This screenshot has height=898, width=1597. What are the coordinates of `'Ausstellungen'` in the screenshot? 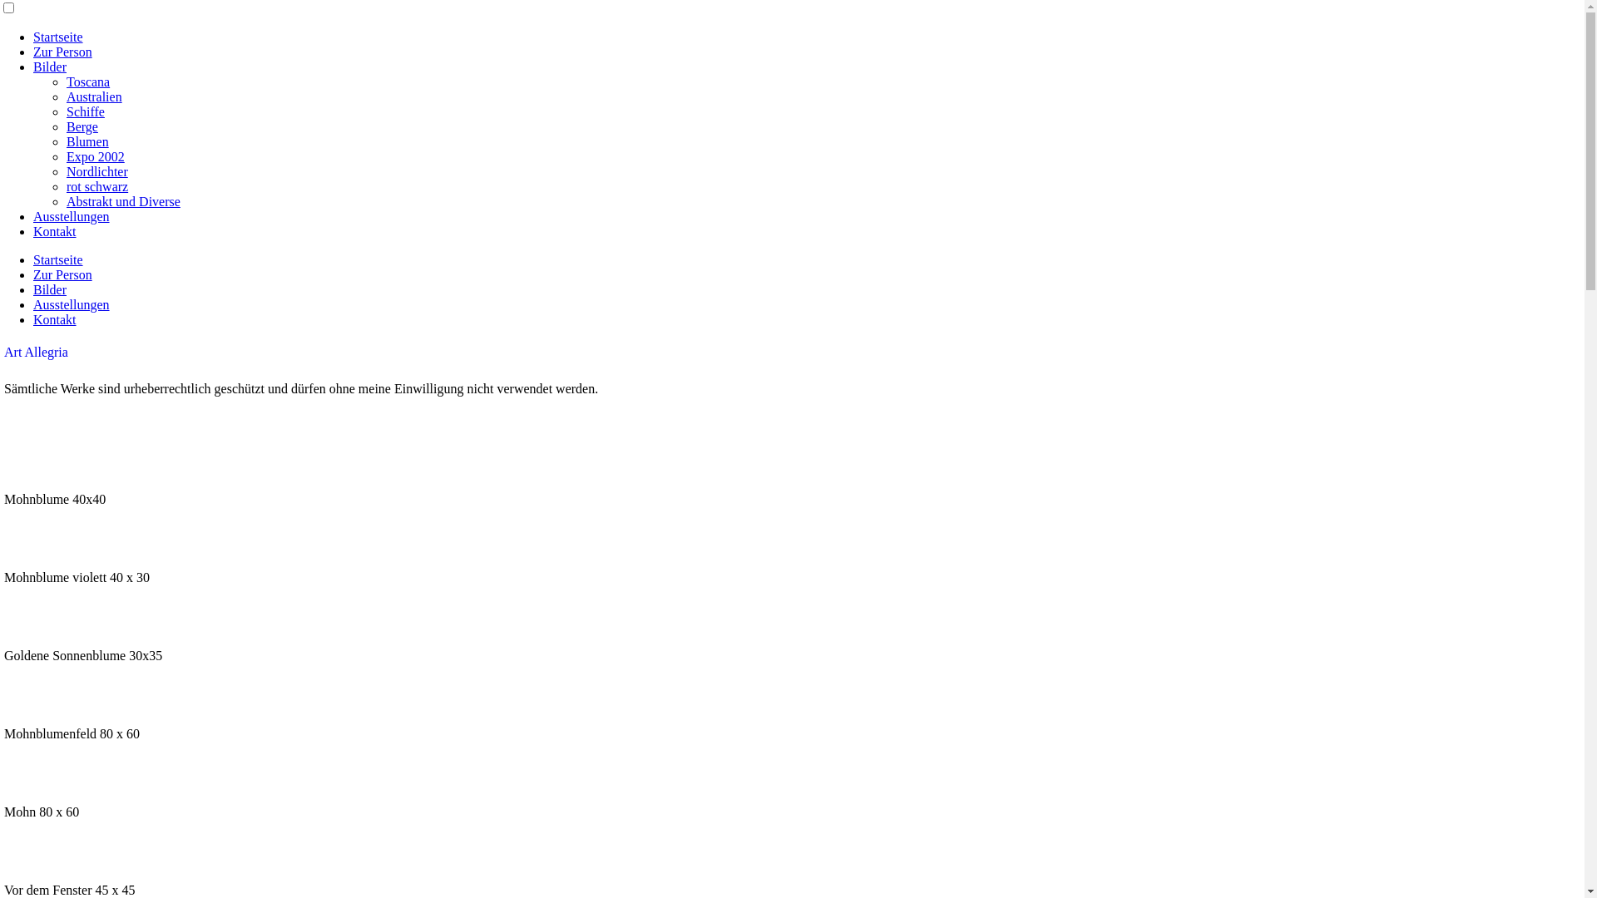 It's located at (71, 215).